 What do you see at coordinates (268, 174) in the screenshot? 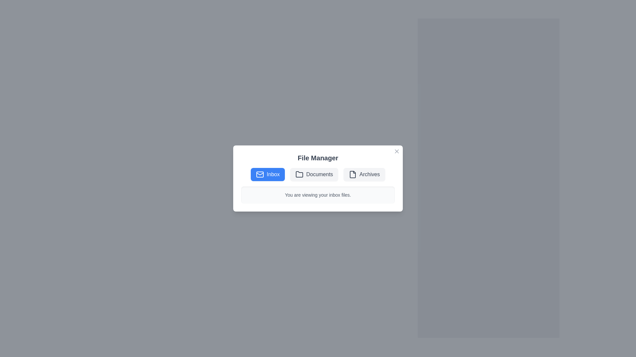
I see `the first button in the horizontal group of three buttons in the 'File Manager' modal` at bounding box center [268, 174].